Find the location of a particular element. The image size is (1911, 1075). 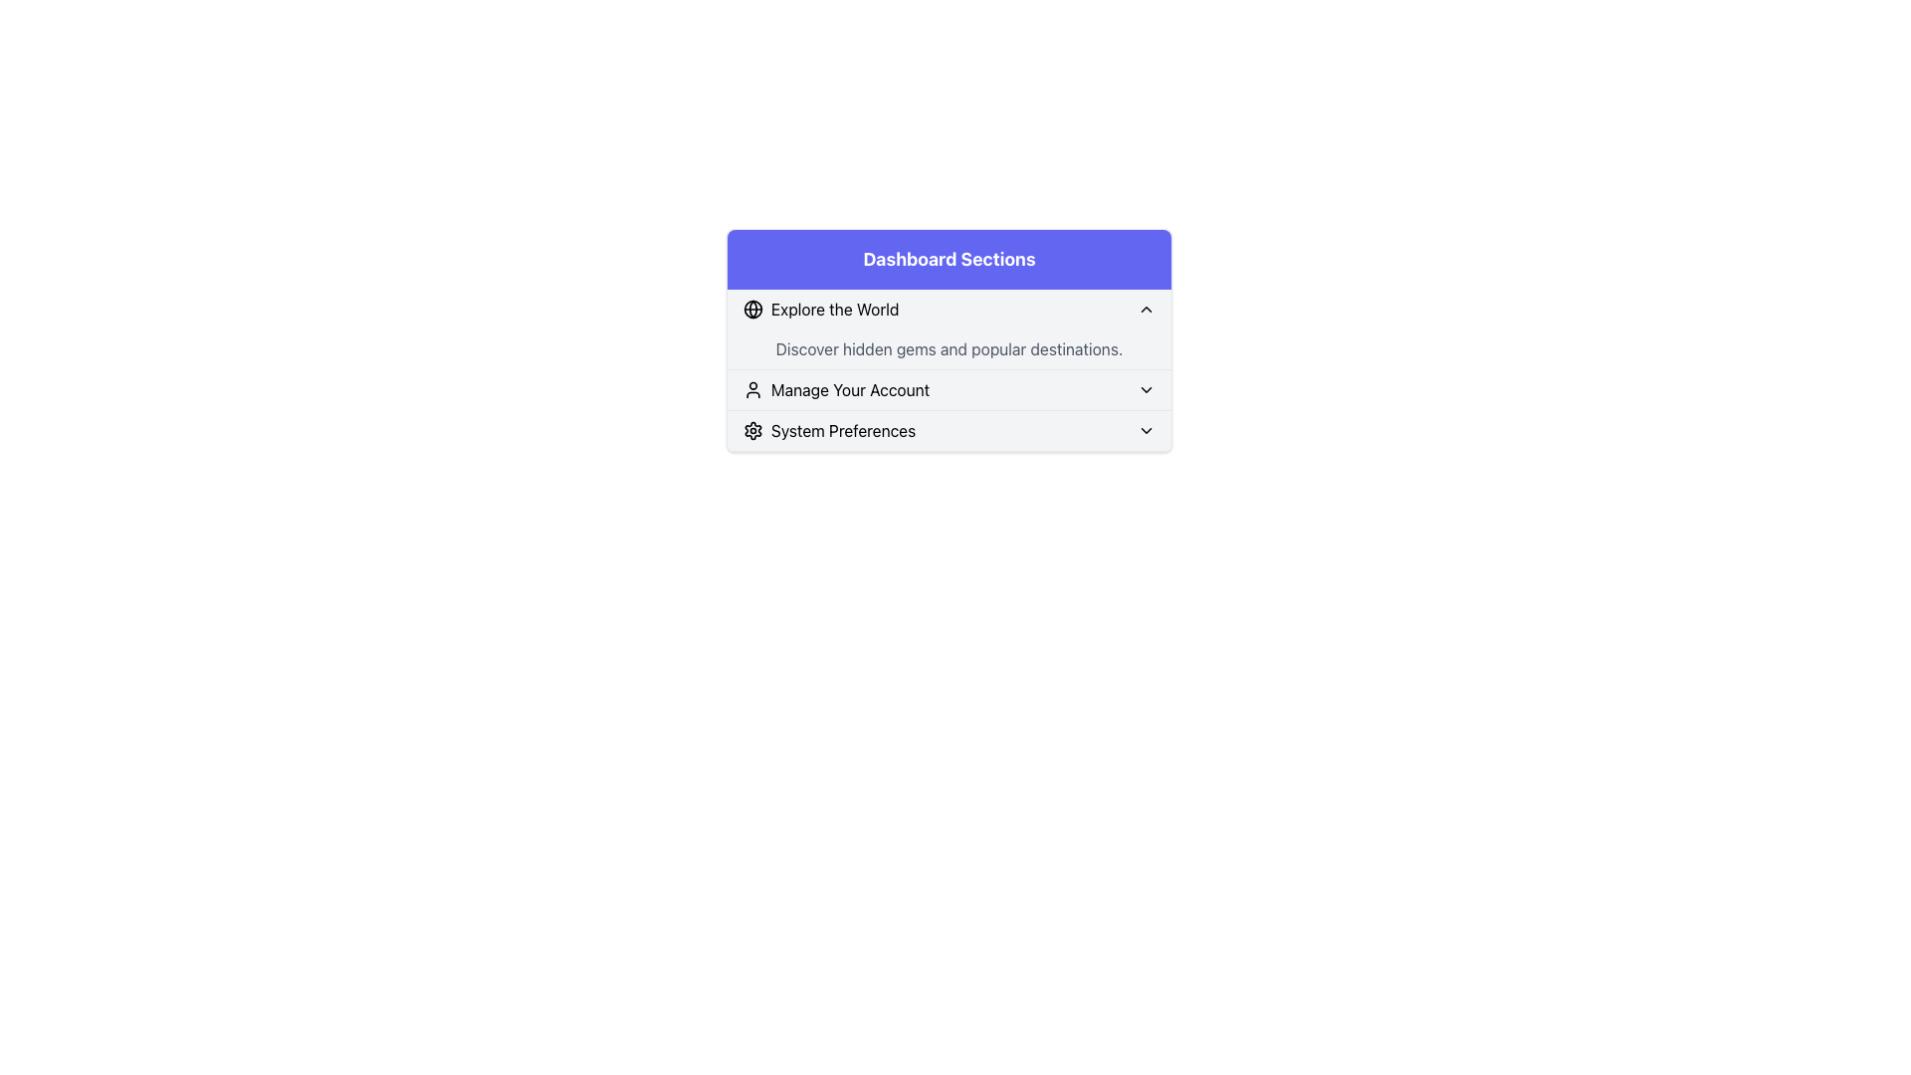

circular arc part of the globe-like icon located in the 'Explore the World' section, which is the middle sub-element of three is located at coordinates (752, 310).